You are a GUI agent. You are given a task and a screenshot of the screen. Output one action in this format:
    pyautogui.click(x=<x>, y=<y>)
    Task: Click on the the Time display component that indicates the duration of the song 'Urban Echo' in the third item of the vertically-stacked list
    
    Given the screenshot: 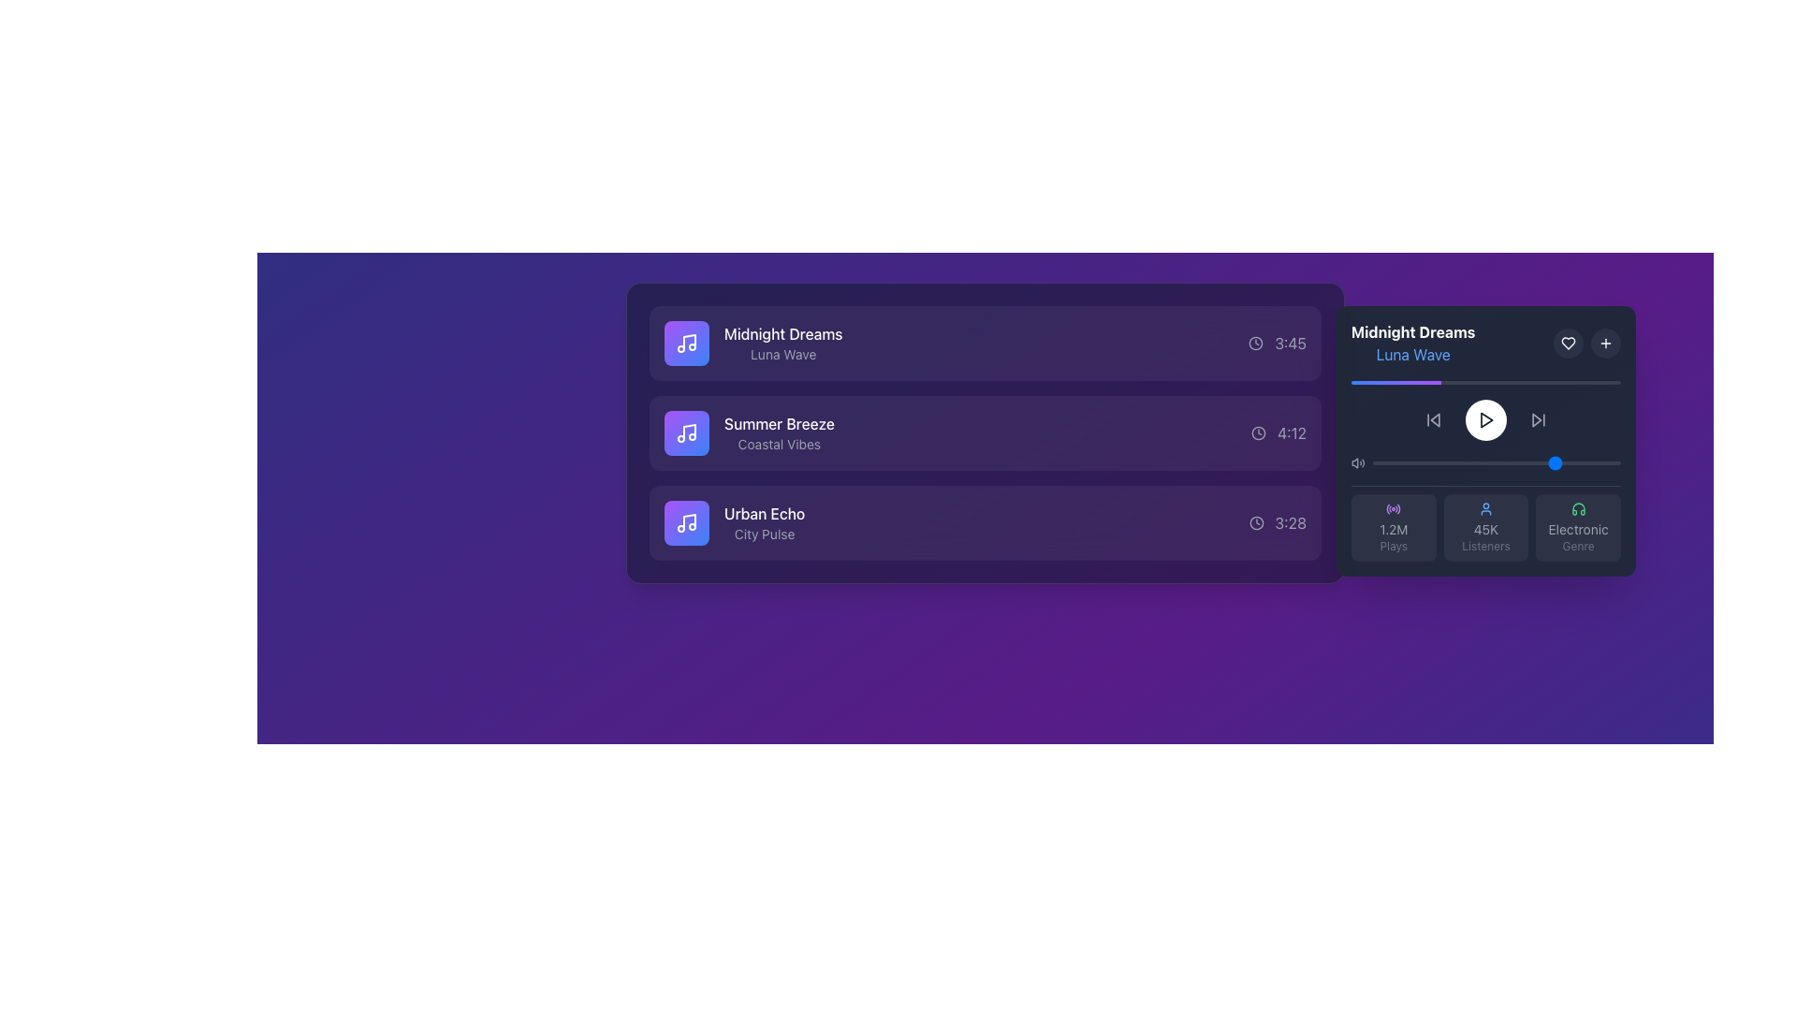 What is the action you would take?
    pyautogui.click(x=1277, y=523)
    